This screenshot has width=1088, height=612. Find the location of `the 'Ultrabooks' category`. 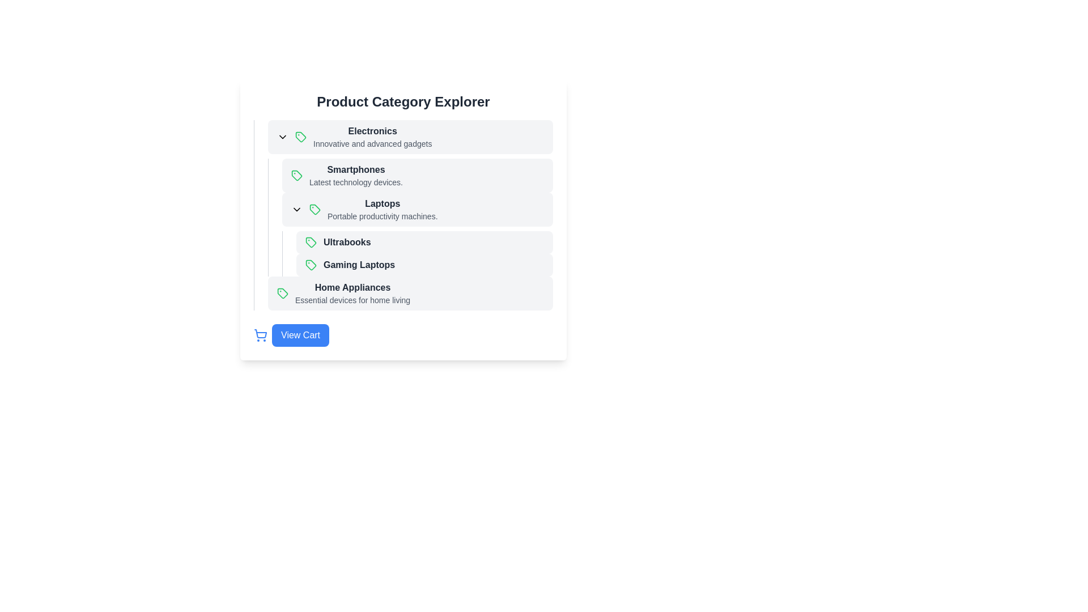

the 'Ultrabooks' category is located at coordinates (417, 253).